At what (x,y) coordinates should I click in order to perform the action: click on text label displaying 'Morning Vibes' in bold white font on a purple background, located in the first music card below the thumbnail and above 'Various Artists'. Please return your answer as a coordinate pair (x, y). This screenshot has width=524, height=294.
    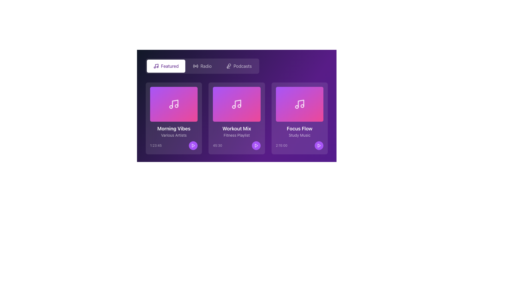
    Looking at the image, I should click on (174, 129).